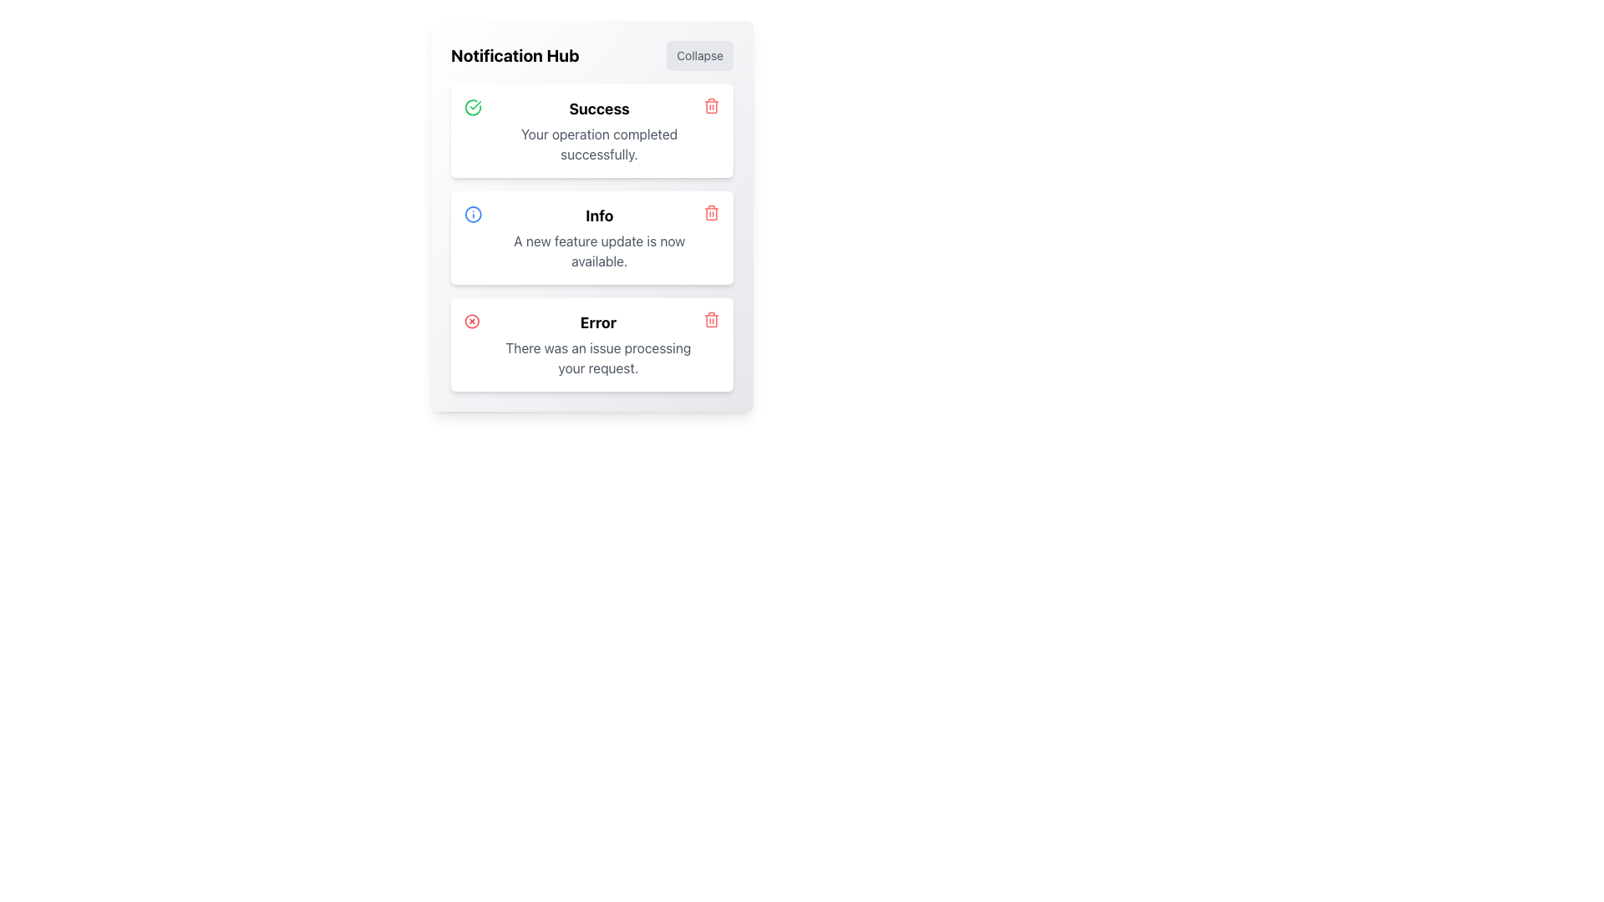  I want to click on the circular graphical element within the 'Error' notification card located in the third row to initiate the associated action, so click(471, 322).